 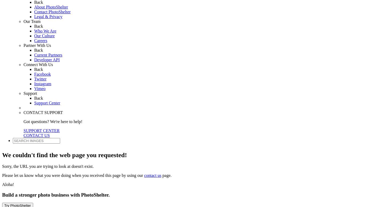 I want to click on 'Vimeo', so click(x=40, y=88).